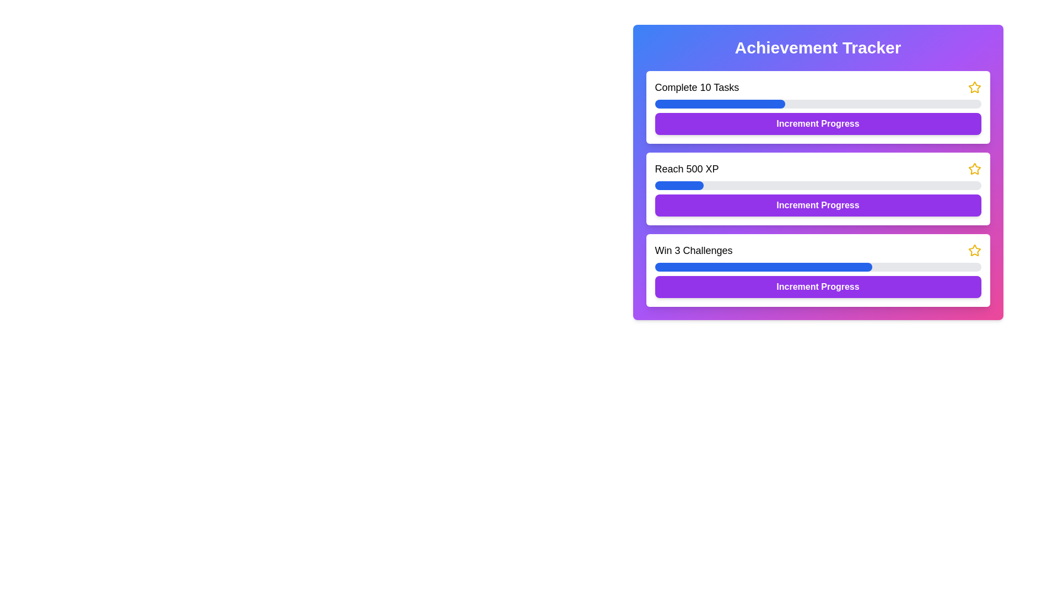  I want to click on the rectangular button with a purple background and white text that reads 'Increment Progress', so click(818, 205).